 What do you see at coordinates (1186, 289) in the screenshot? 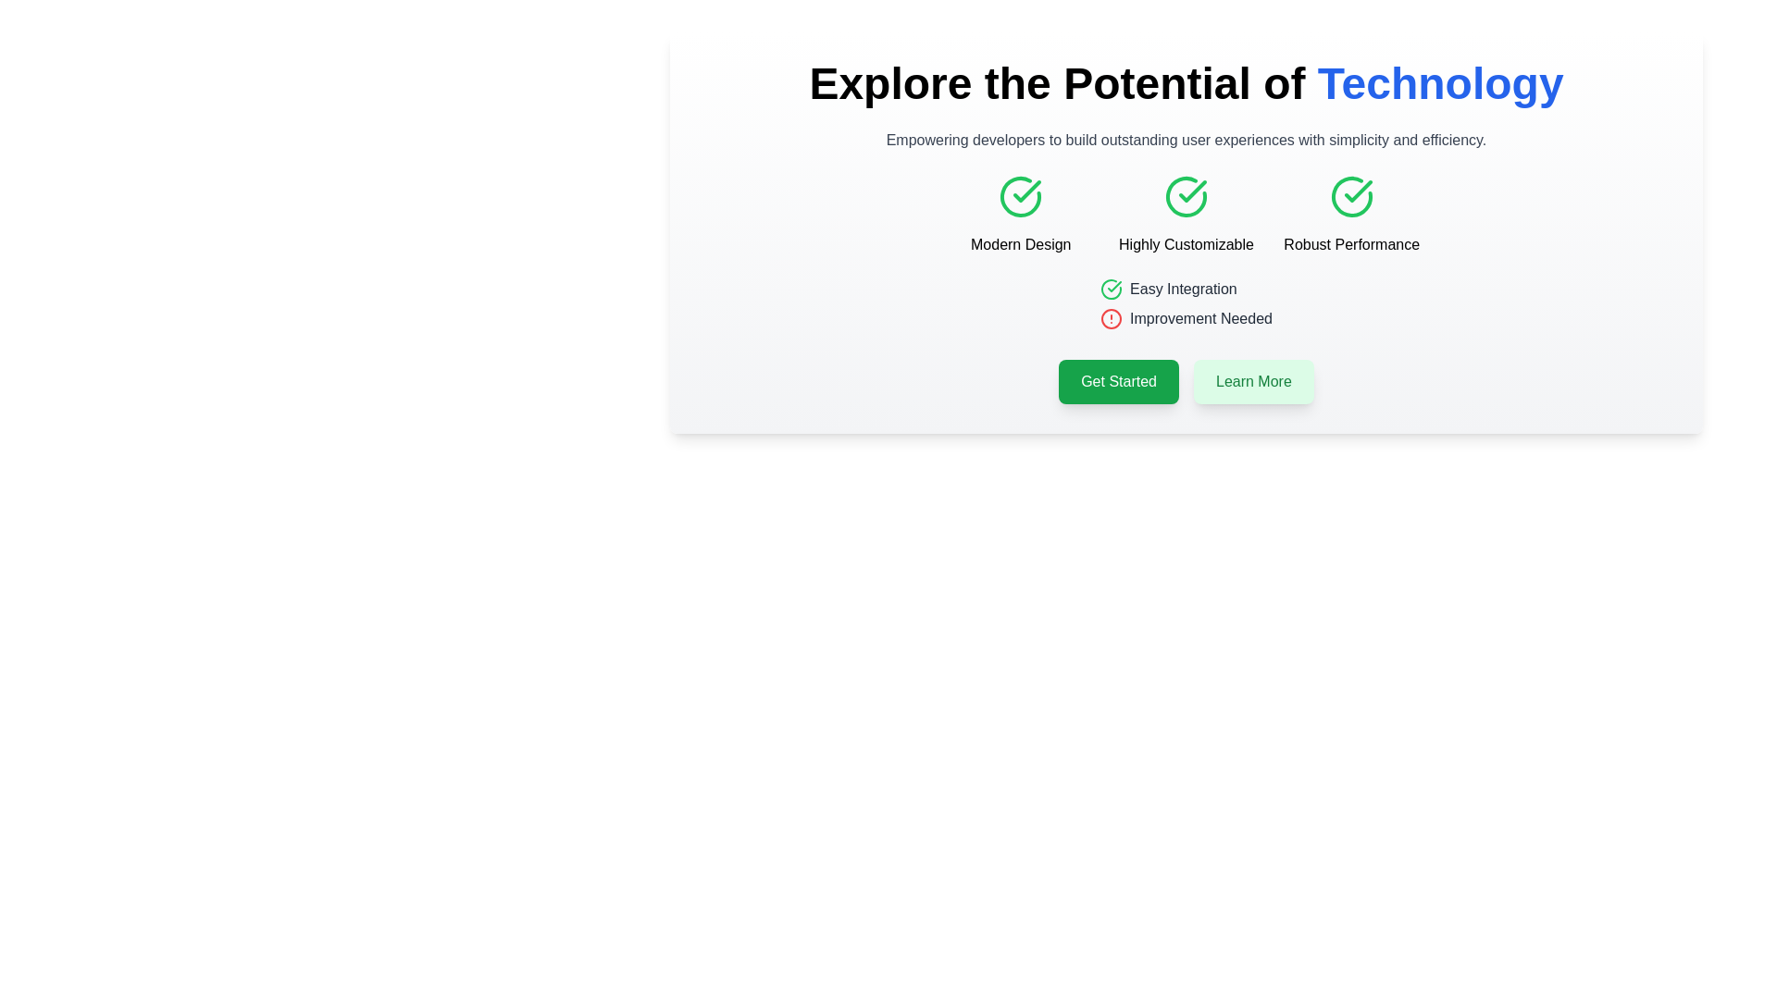
I see `the informational item featuring a green checkmark icon and the label 'Easy Integration', which is the first item in the vertical list under the header 'Explore the Potential of Technology'` at bounding box center [1186, 289].